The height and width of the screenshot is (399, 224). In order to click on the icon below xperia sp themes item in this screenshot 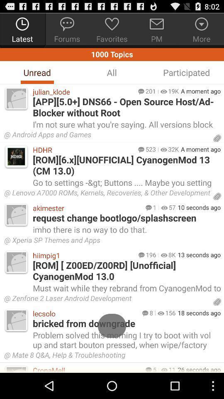, I will do `click(171, 254)`.